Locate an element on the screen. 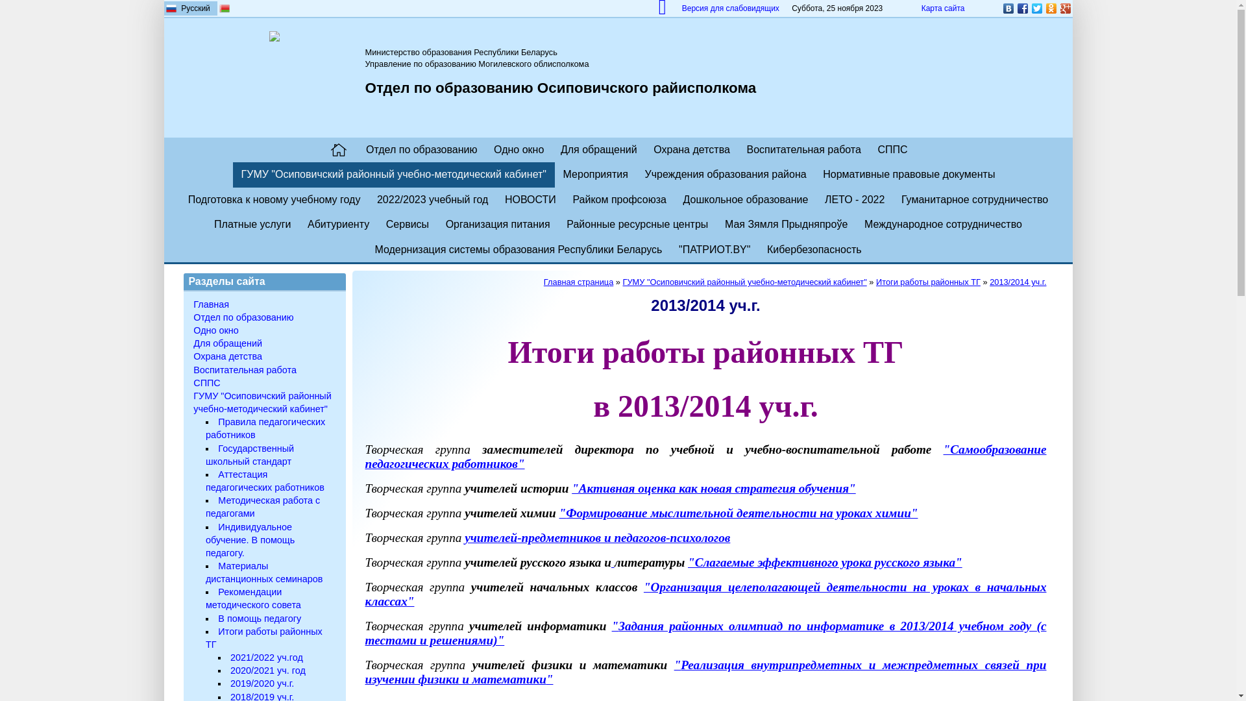 The width and height of the screenshot is (1246, 701). 'Twitter' is located at coordinates (1028, 8).